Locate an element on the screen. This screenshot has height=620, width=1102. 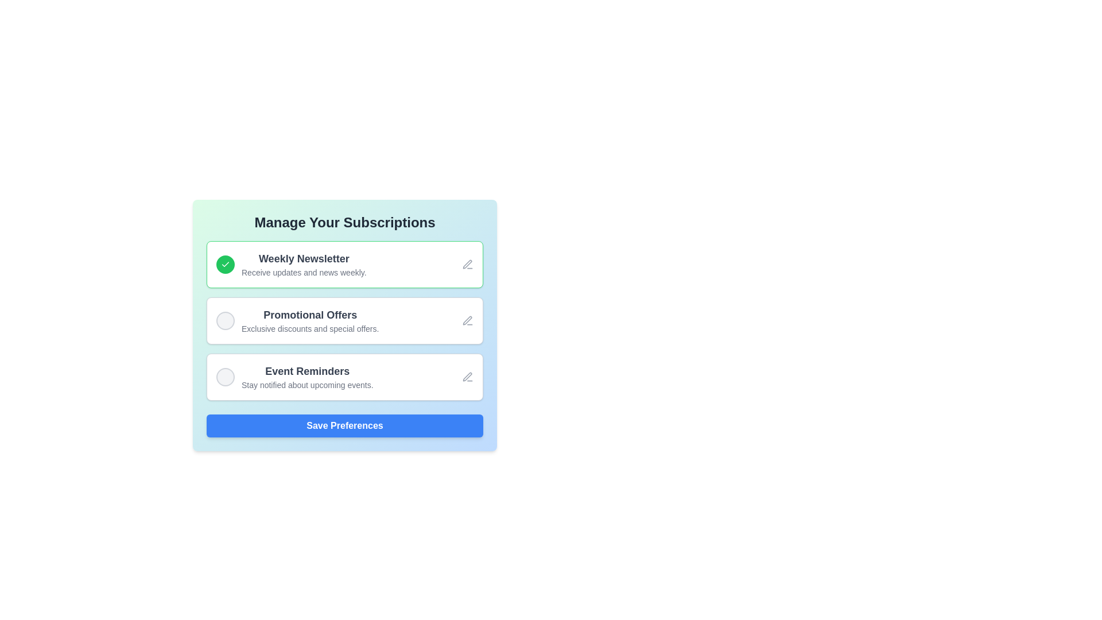
the pen icon button located in the 'Event Reminders' section is located at coordinates (468, 377).